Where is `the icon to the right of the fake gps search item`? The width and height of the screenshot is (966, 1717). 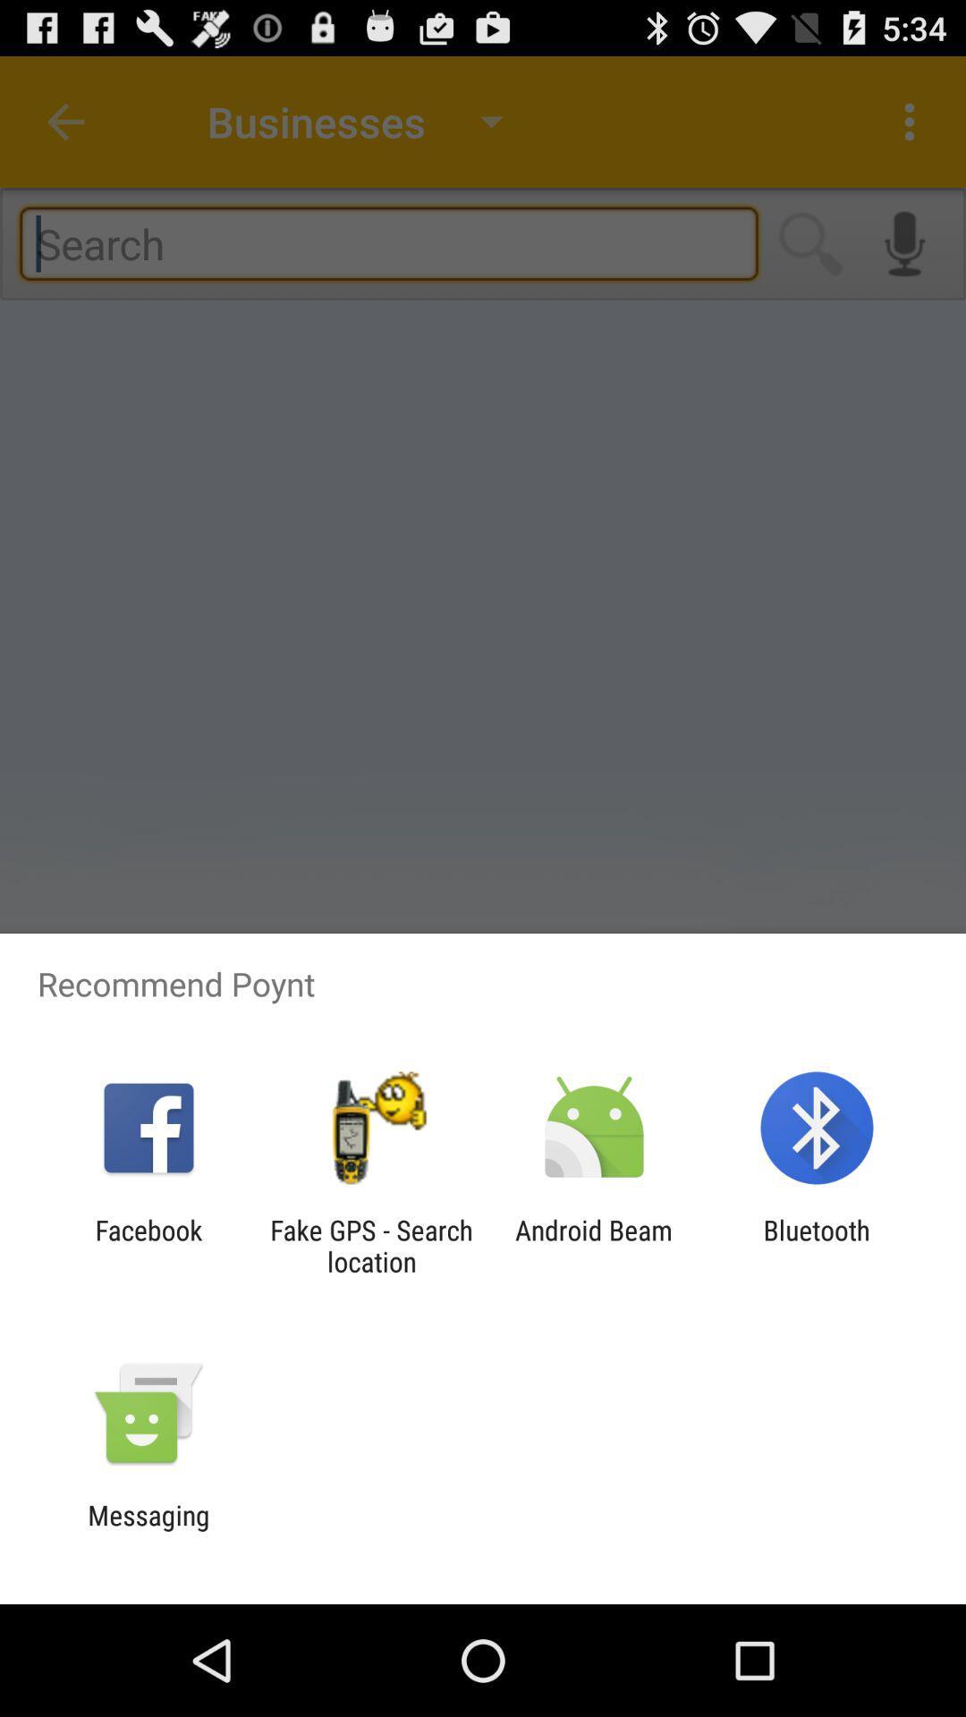 the icon to the right of the fake gps search item is located at coordinates (594, 1245).